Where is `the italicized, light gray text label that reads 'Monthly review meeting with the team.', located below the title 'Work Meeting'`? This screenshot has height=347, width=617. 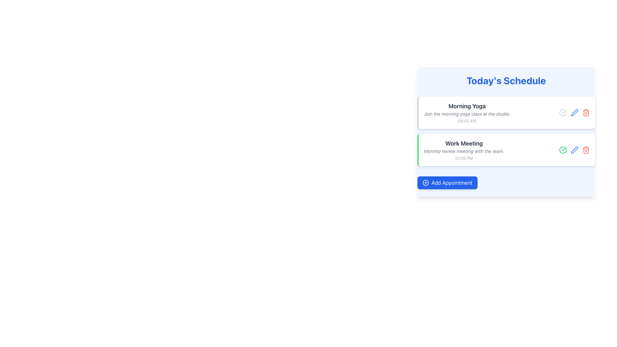
the italicized, light gray text label that reads 'Monthly review meeting with the team.', located below the title 'Work Meeting' is located at coordinates (464, 151).